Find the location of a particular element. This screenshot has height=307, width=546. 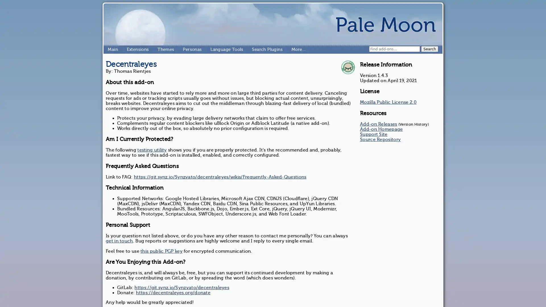

Search is located at coordinates (430, 49).